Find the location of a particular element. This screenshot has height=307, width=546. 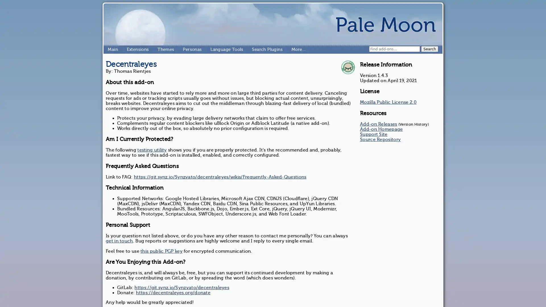

Search is located at coordinates (430, 49).